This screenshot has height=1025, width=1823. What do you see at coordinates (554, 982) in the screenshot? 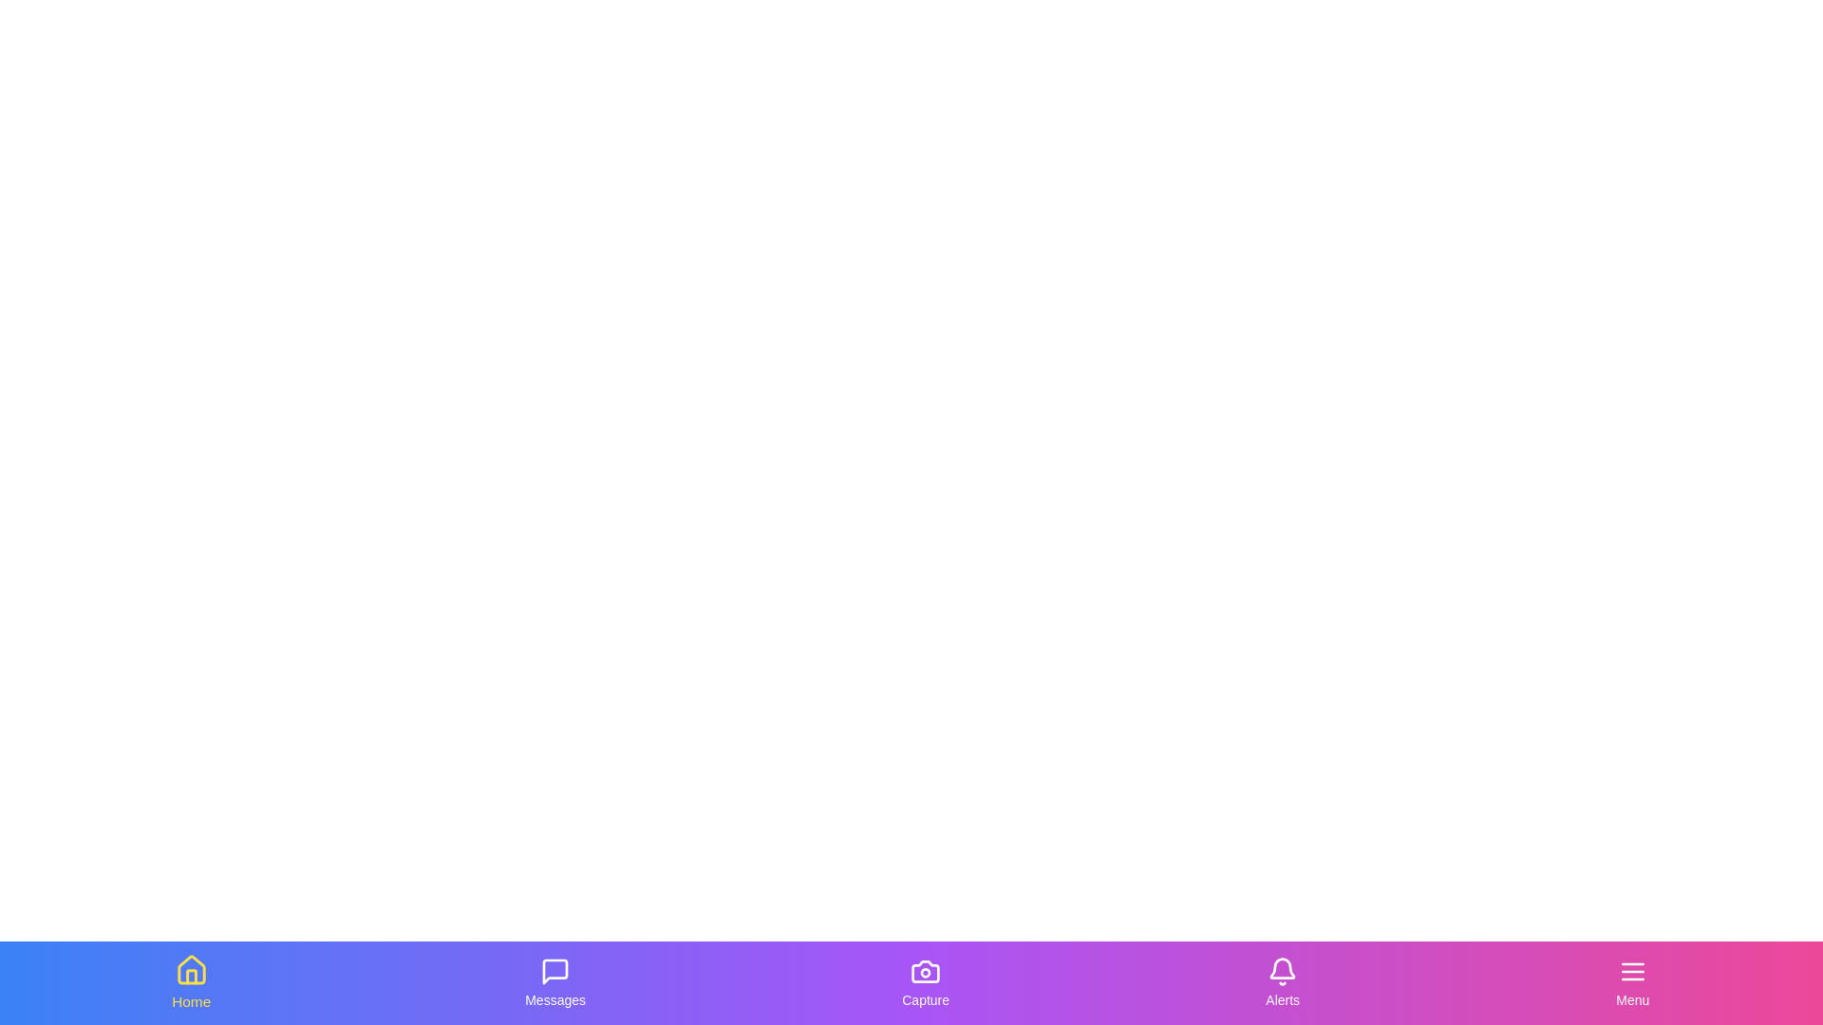
I see `the Messages tab by clicking on its icon or label` at bounding box center [554, 982].